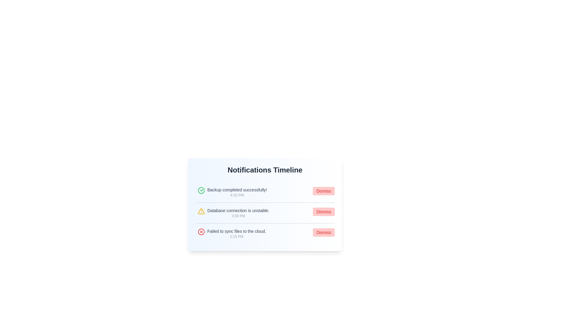 Image resolution: width=577 pixels, height=324 pixels. What do you see at coordinates (323, 191) in the screenshot?
I see `the dismiss button located in the topmost notification row of the 'Notifications Timeline', positioned to the far right adjacent to the message 'Backup completed successfully!'` at bounding box center [323, 191].